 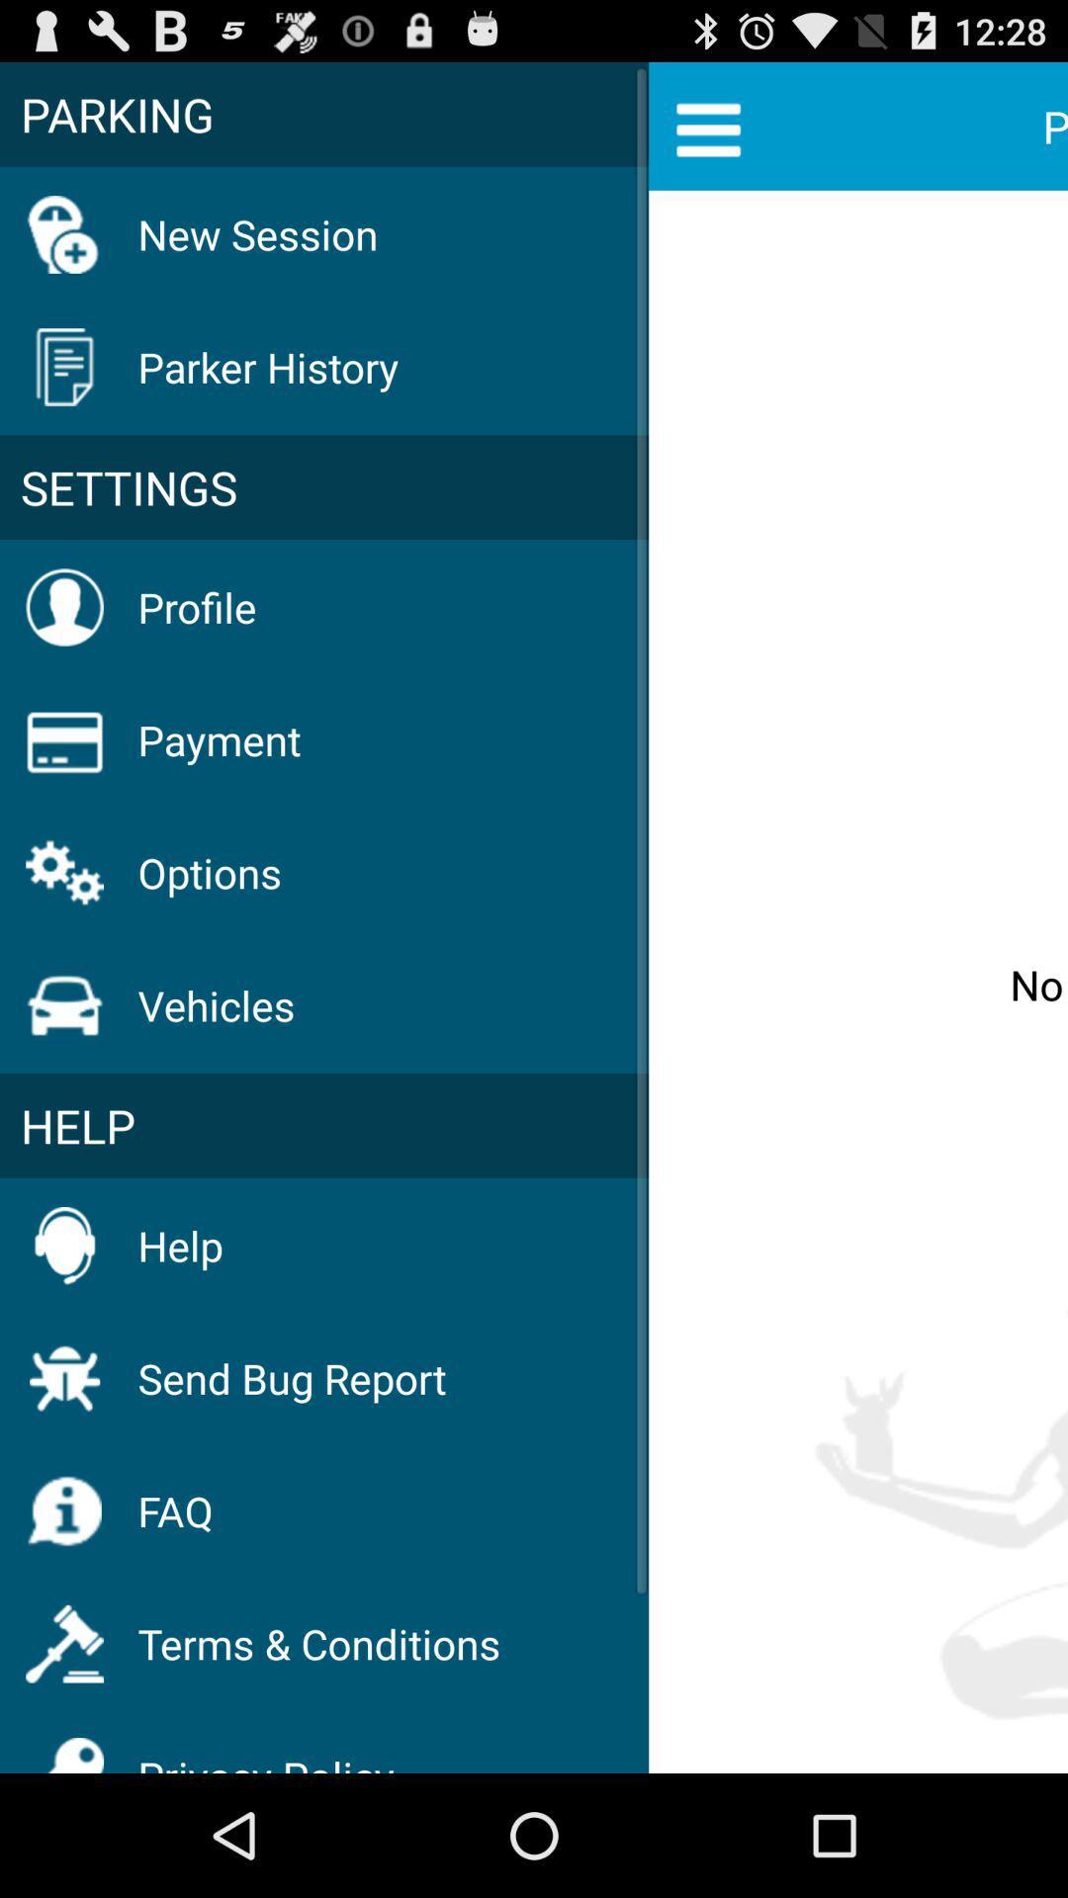 I want to click on the privacy policy icon, so click(x=265, y=1750).